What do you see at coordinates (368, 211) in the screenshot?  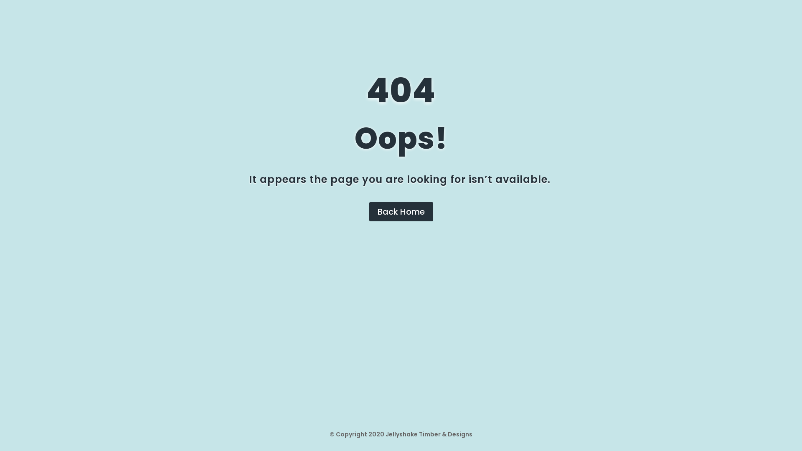 I see `'Back Home'` at bounding box center [368, 211].